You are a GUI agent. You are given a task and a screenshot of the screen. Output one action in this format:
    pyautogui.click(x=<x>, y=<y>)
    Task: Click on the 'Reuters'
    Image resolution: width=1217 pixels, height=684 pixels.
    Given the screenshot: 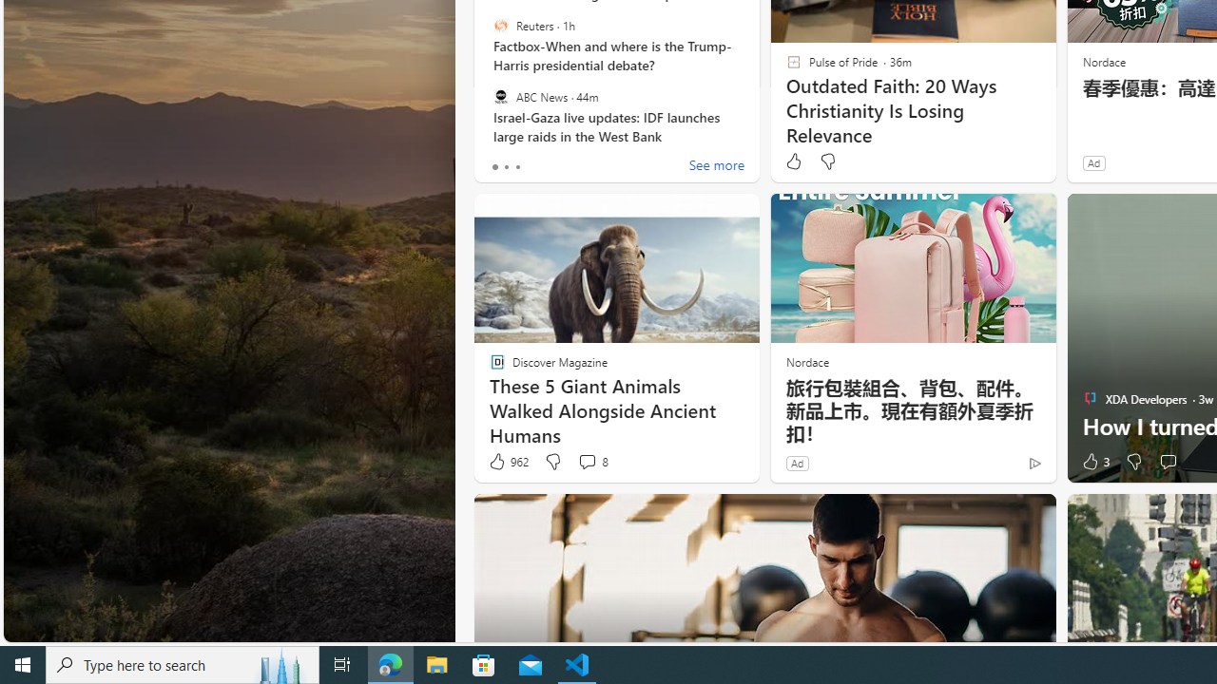 What is the action you would take?
    pyautogui.click(x=500, y=26)
    